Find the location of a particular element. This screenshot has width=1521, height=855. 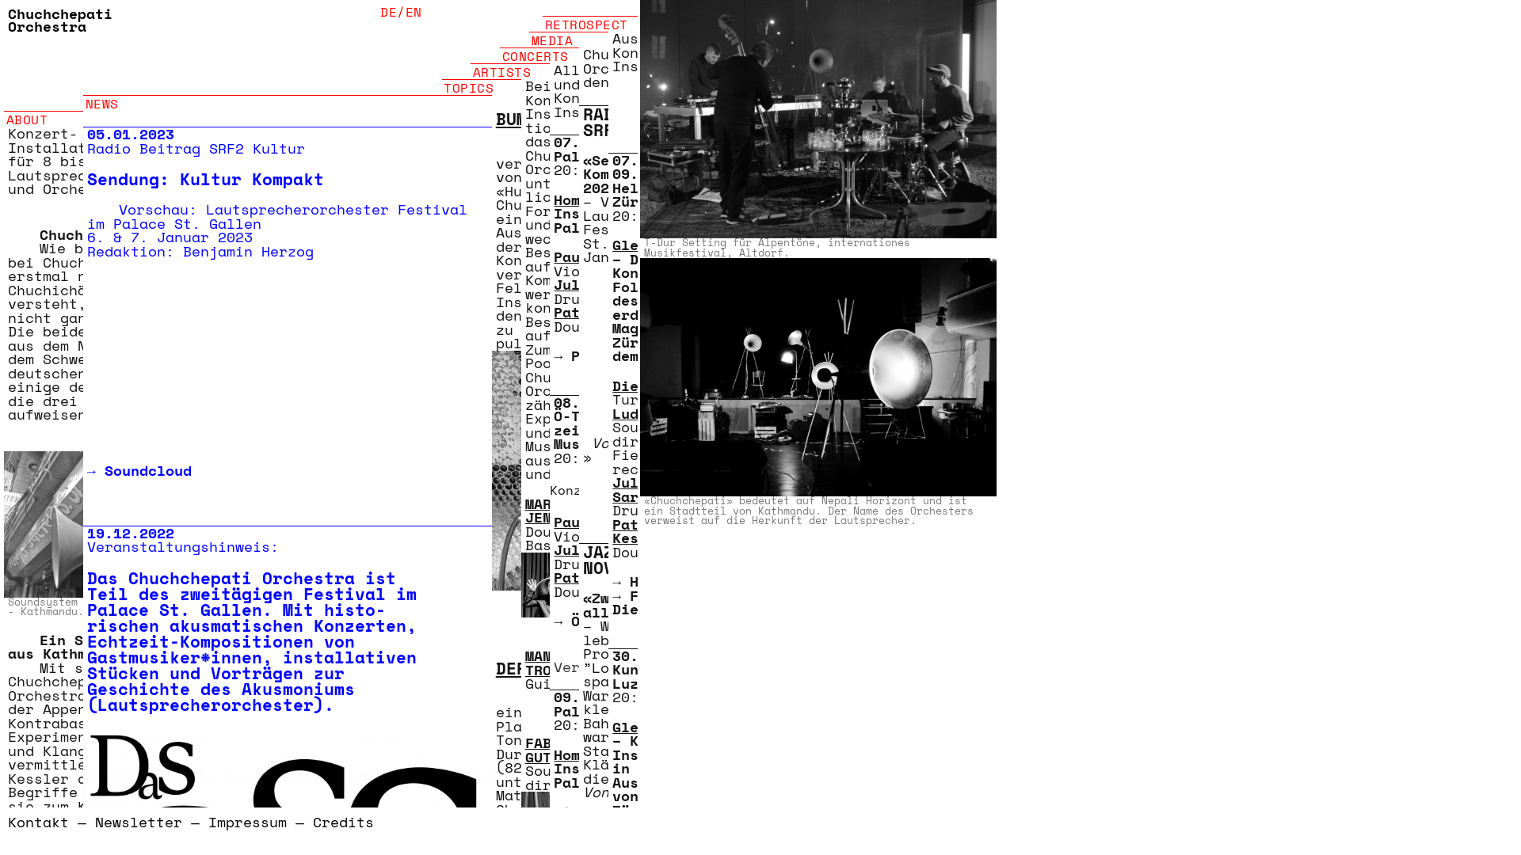

'EN' is located at coordinates (414, 12).